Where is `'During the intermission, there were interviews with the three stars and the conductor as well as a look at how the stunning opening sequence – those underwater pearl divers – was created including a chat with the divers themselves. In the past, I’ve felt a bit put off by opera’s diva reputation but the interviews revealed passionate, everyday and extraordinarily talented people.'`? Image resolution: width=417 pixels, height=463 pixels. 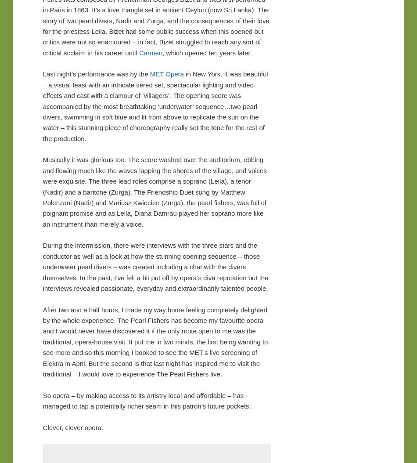 'During the intermission, there were interviews with the three stars and the conductor as well as a look at how the stunning opening sequence – those underwater pearl divers – was created including a chat with the divers themselves. In the past, I’ve felt a bit put off by opera’s diva reputation but the interviews revealed passionate, everyday and extraordinarily talented people.' is located at coordinates (155, 266).